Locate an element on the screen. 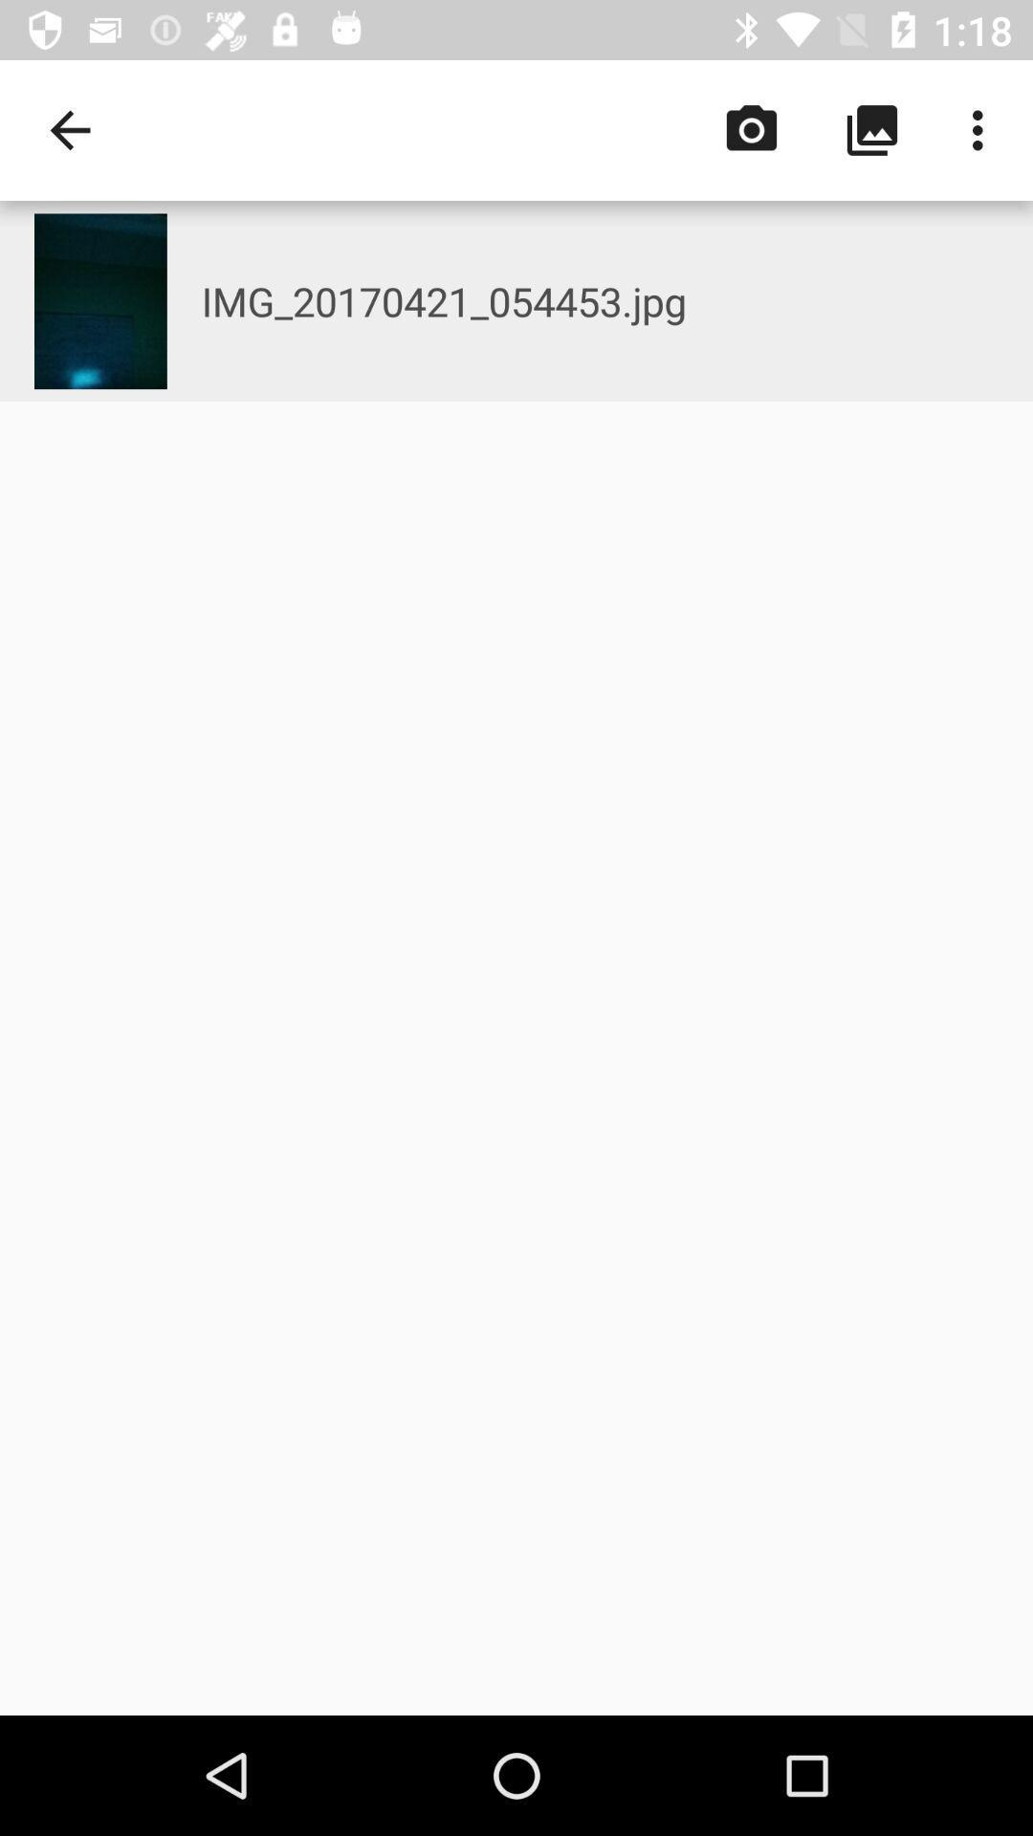  img_20170421_054453.jpg icon is located at coordinates (617, 300).